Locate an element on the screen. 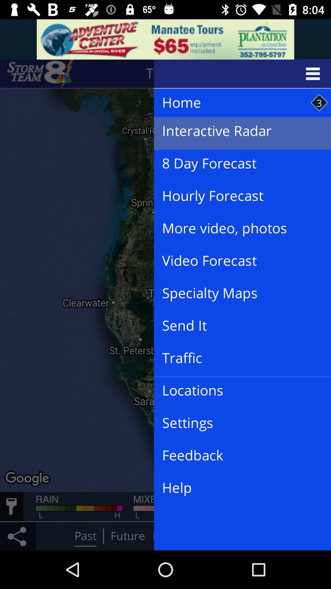 This screenshot has width=331, height=589. the share icon is located at coordinates (18, 536).